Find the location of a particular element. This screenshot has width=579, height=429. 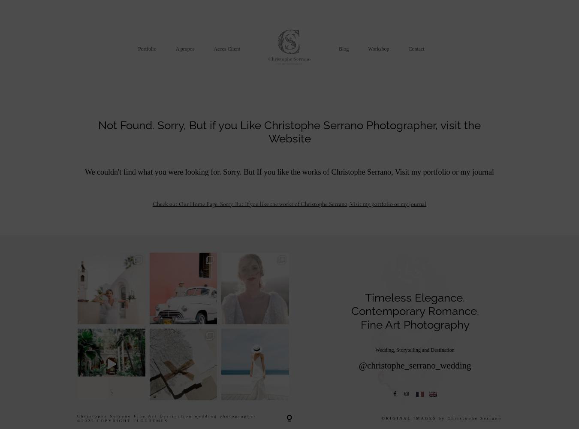

'Portfolio' is located at coordinates (147, 48).